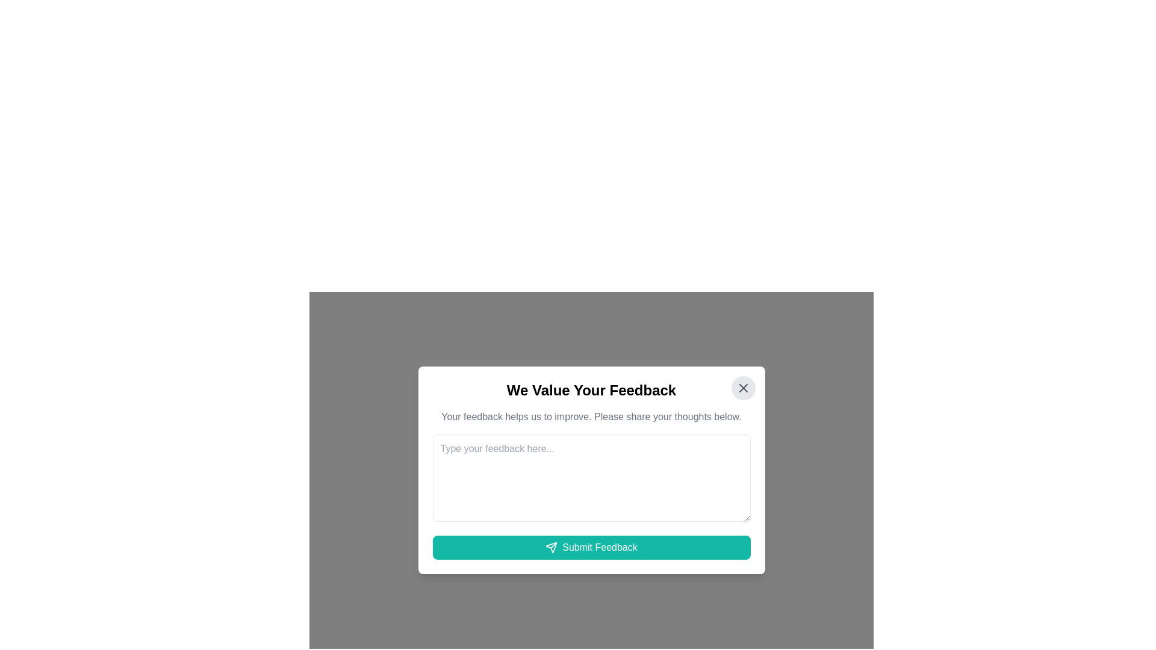  I want to click on the close button located at the upper-right corner of the 'We Value Your Feedback' dialog box, so click(742, 388).